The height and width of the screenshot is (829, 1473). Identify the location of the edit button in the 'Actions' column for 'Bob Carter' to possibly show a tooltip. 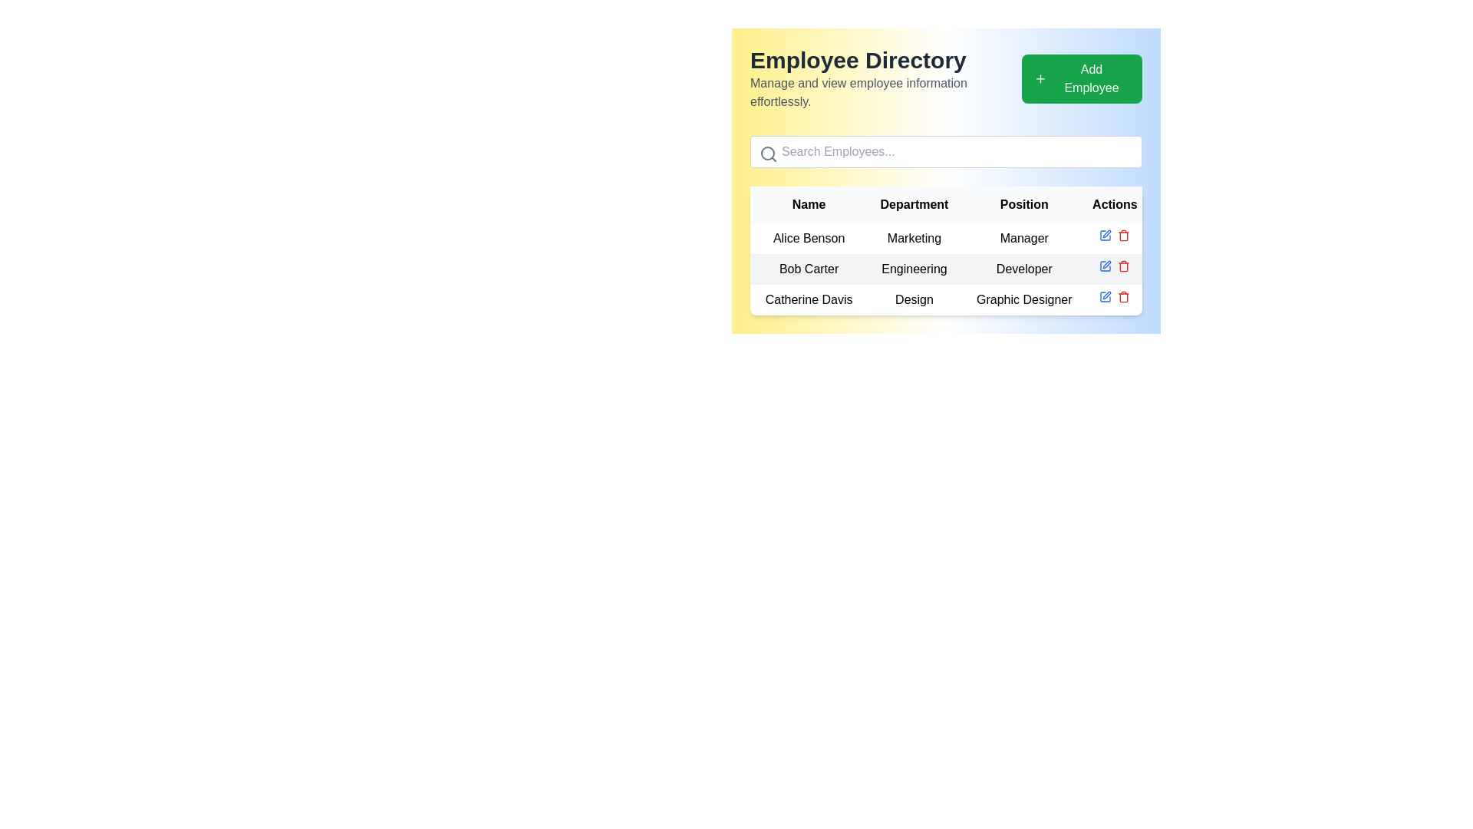
(1106, 236).